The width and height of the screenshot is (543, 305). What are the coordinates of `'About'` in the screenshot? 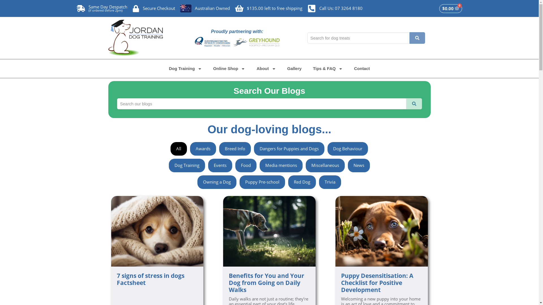 It's located at (266, 68).